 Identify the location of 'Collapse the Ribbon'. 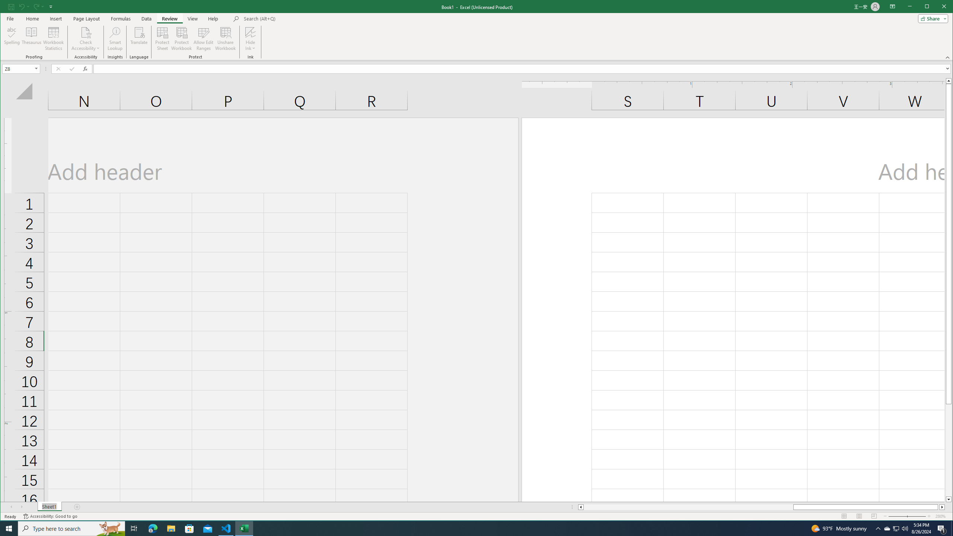
(948, 57).